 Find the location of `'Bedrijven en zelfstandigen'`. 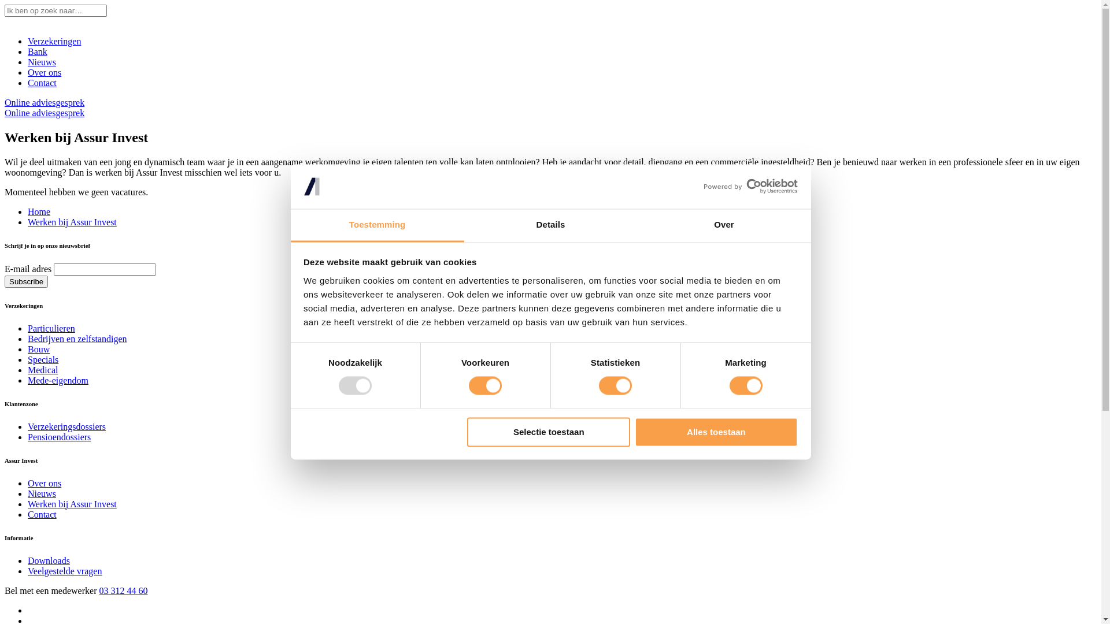

'Bedrijven en zelfstandigen' is located at coordinates (28, 338).